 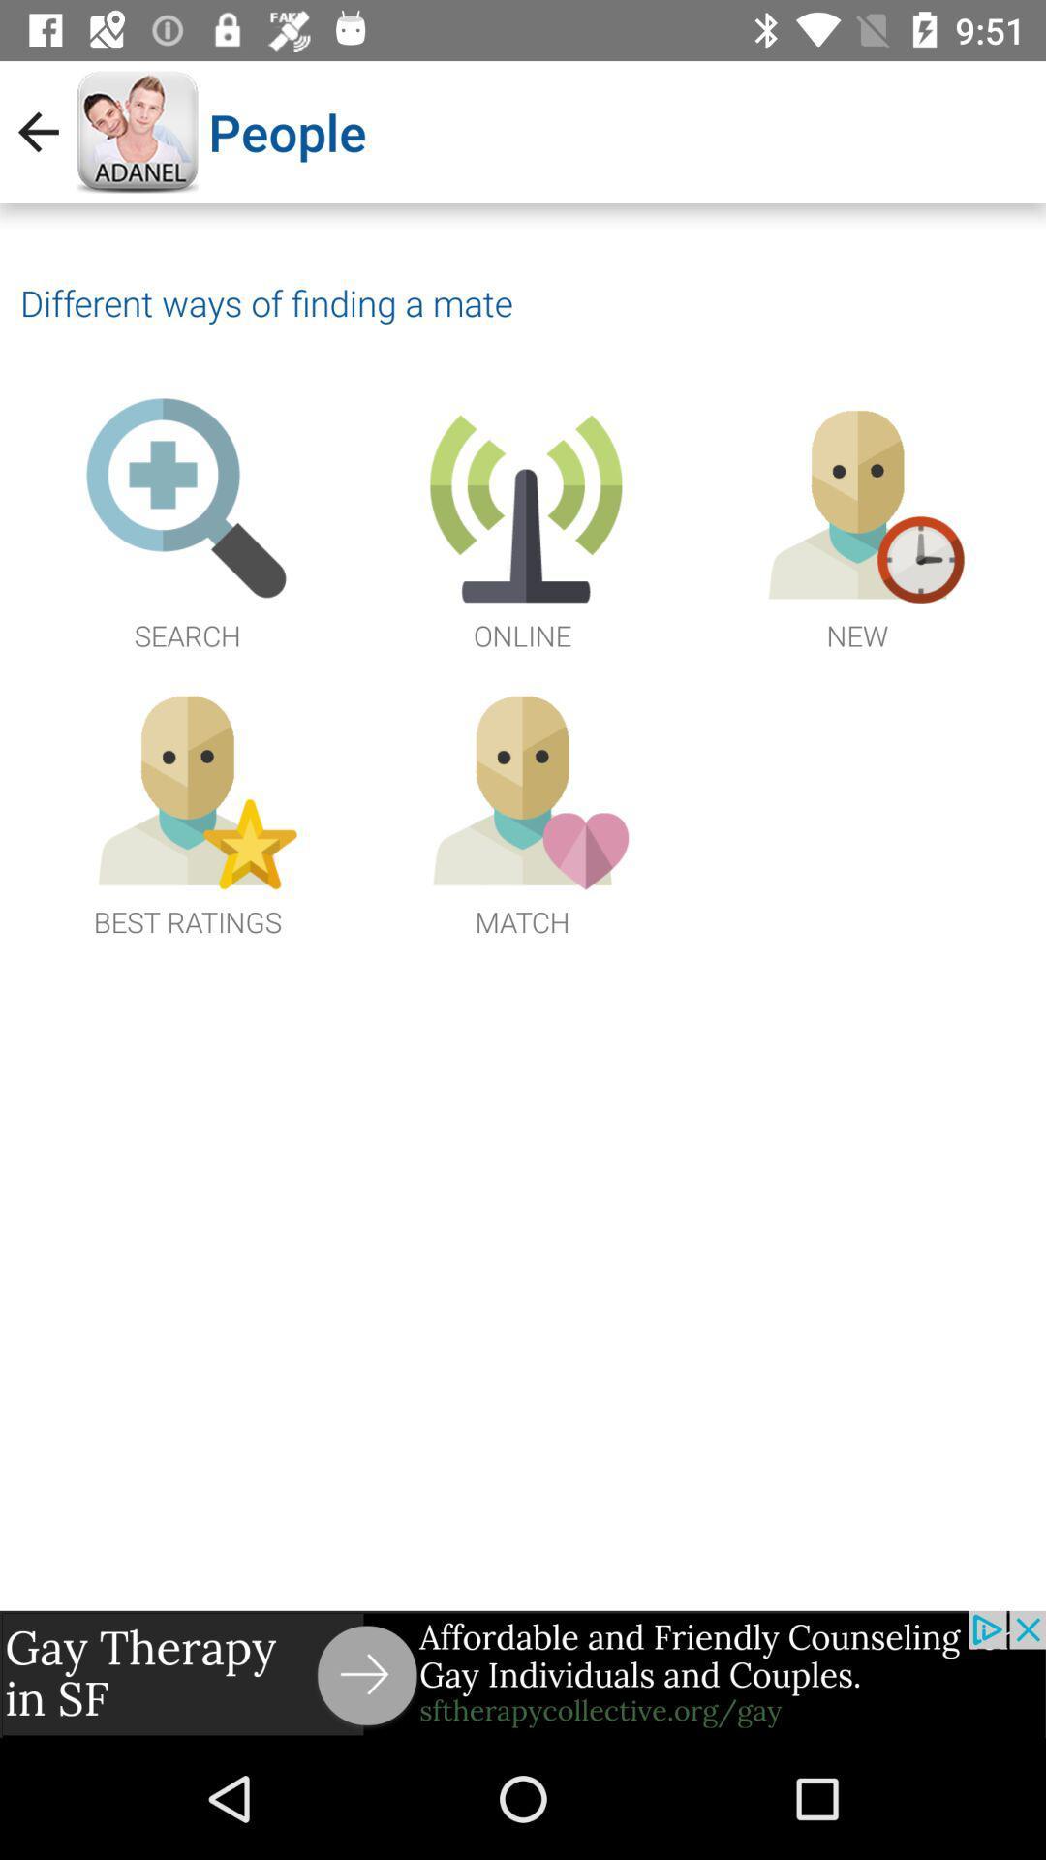 I want to click on check matches, so click(x=521, y=810).